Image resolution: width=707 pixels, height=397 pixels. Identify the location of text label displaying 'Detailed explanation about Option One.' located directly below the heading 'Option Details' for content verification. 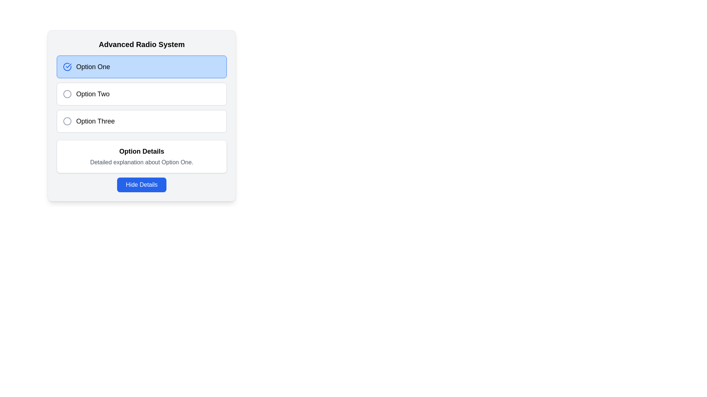
(141, 162).